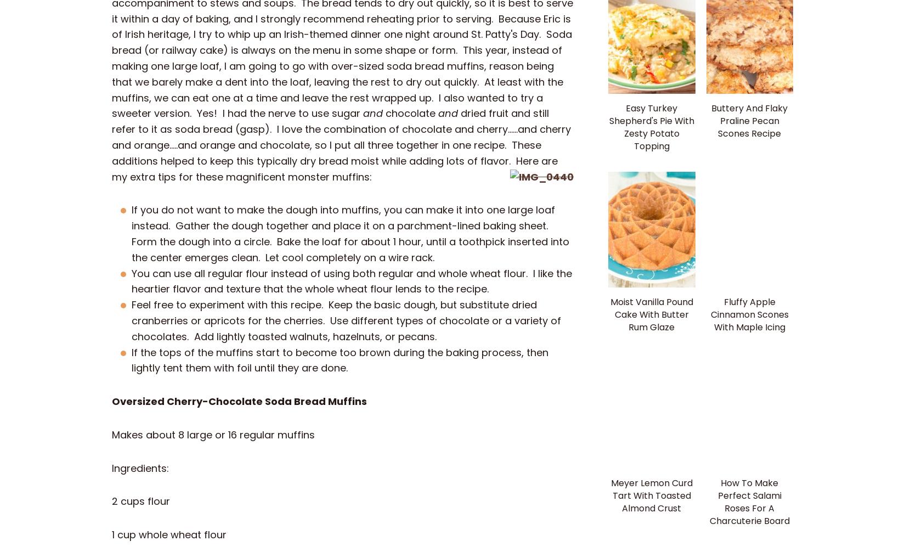 Image resolution: width=905 pixels, height=552 pixels. I want to click on '2 cups flour', so click(141, 500).